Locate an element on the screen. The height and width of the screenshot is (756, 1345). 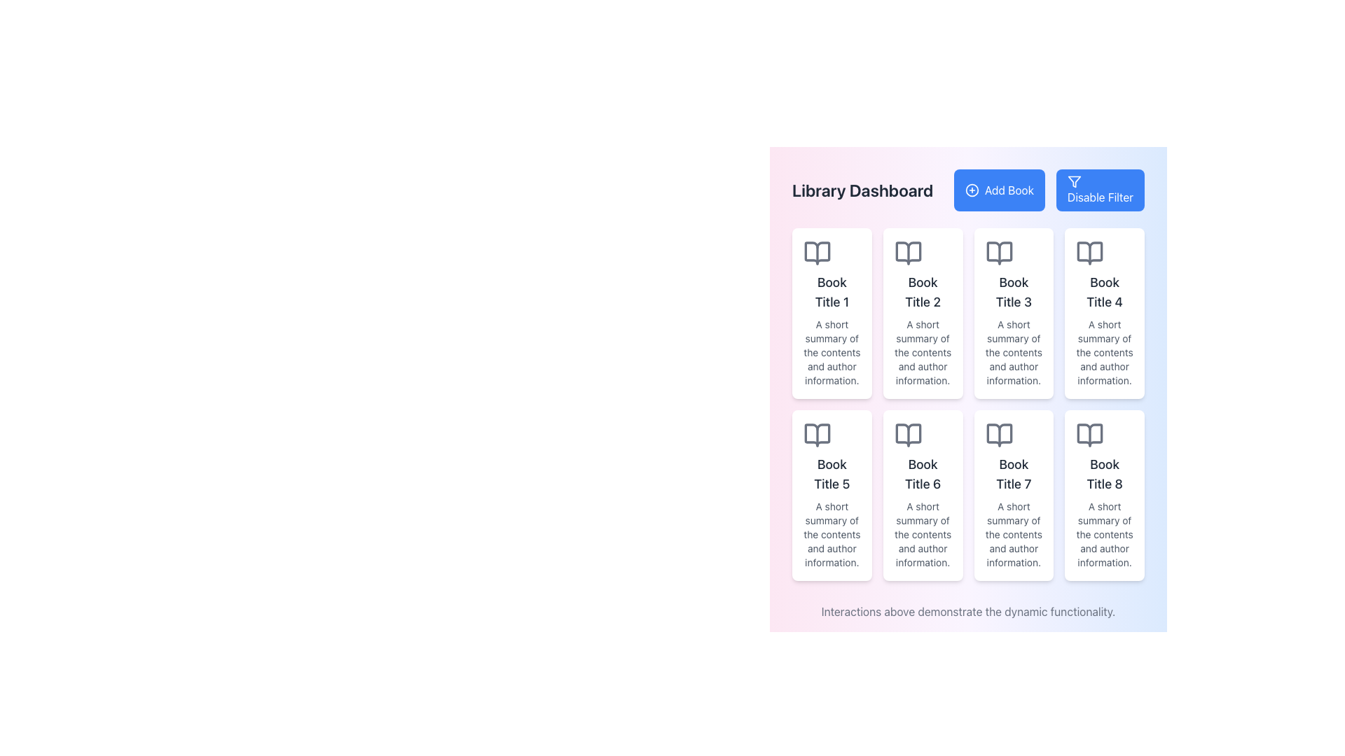
the book card displaying information about the book, located in the second column and second row of the grid, between 'Book Title 6' and 'Book Title 8' is located at coordinates (1014, 495).